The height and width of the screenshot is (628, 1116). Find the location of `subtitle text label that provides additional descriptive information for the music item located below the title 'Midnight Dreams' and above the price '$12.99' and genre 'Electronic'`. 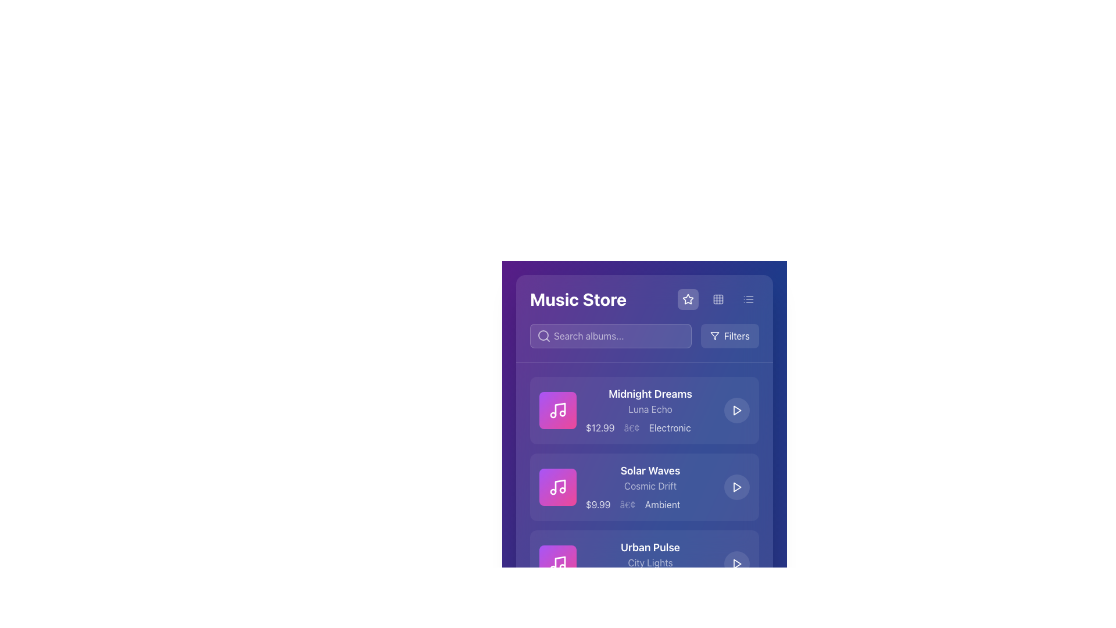

subtitle text label that provides additional descriptive information for the music item located below the title 'Midnight Dreams' and above the price '$12.99' and genre 'Electronic' is located at coordinates (649, 409).